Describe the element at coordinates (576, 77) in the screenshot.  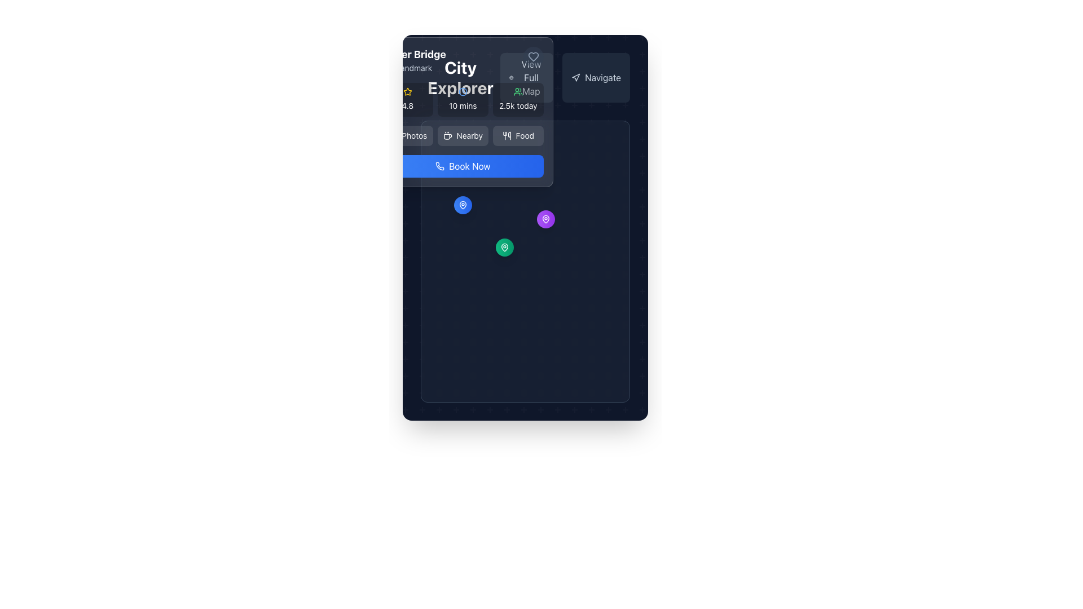
I see `the navigation icon located in the top-right area of the interface within the 'Navigate' UI component` at that location.